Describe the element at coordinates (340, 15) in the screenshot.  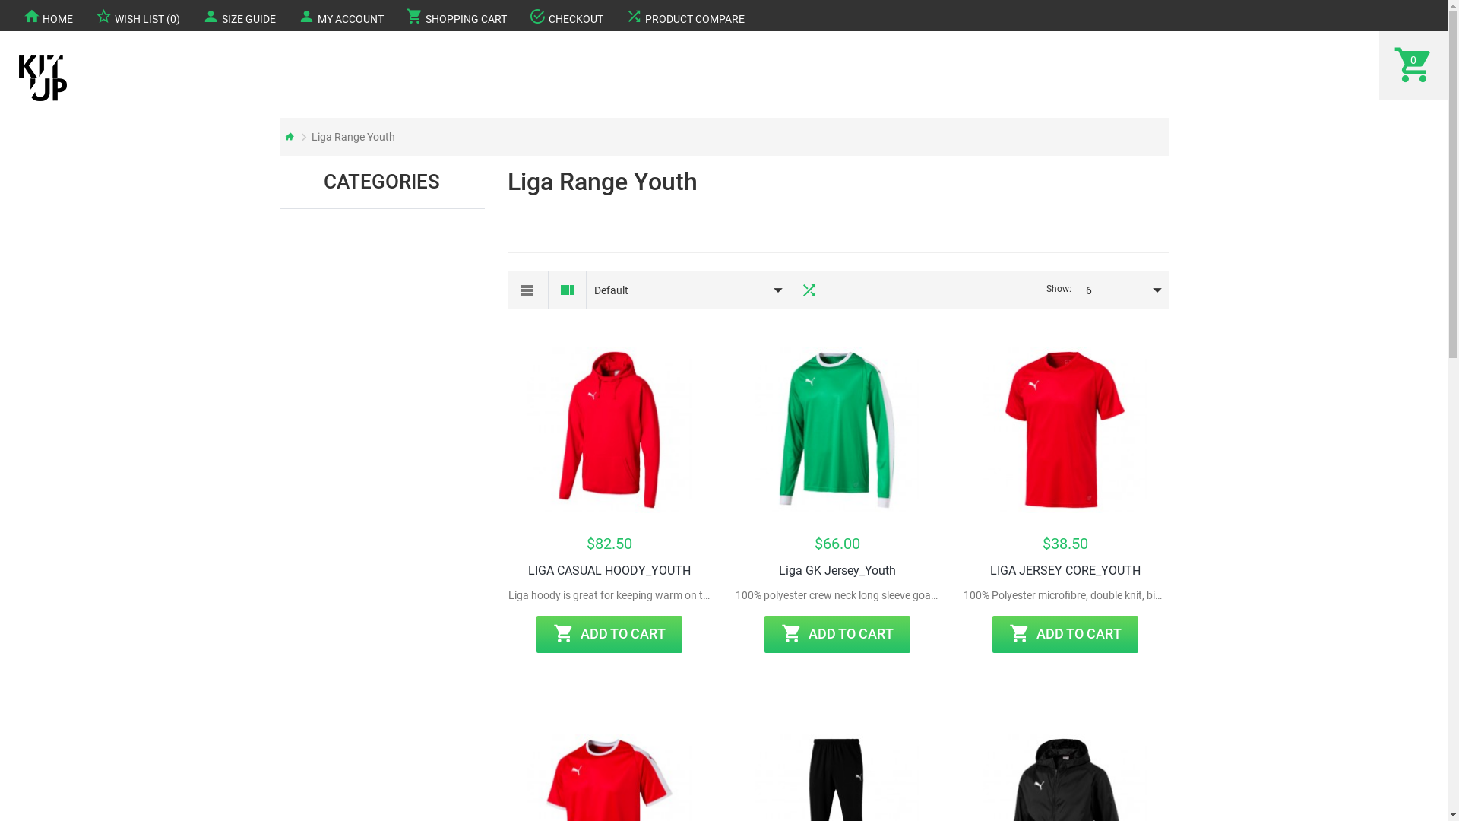
I see `'MY ACCOUNT'` at that location.